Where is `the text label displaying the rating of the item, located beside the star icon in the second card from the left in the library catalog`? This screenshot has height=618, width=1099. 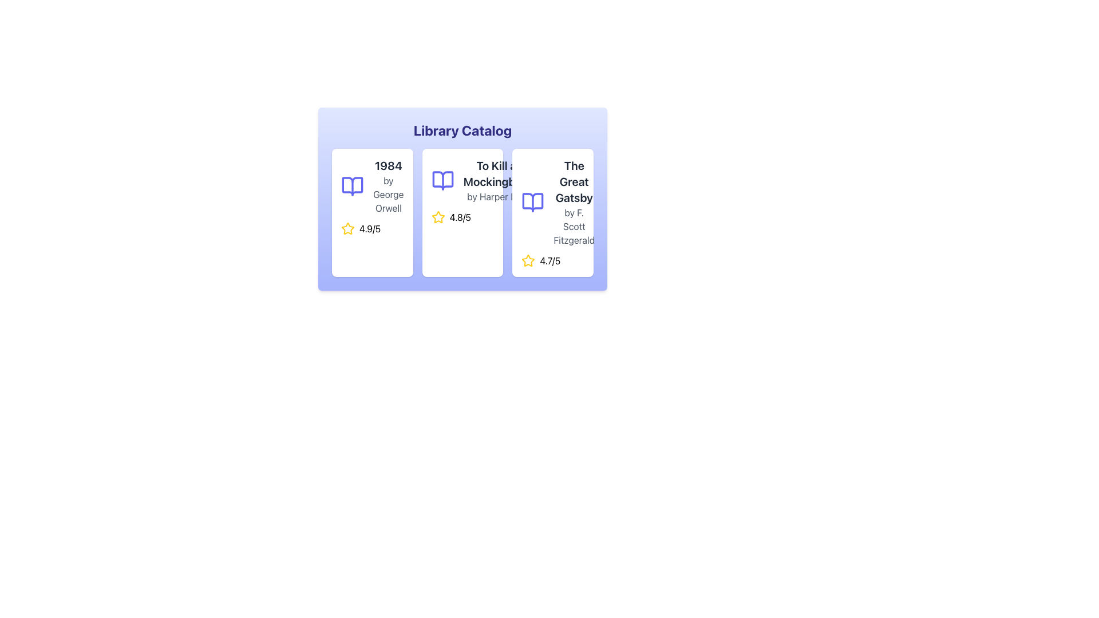
the text label displaying the rating of the item, located beside the star icon in the second card from the left in the library catalog is located at coordinates (460, 217).